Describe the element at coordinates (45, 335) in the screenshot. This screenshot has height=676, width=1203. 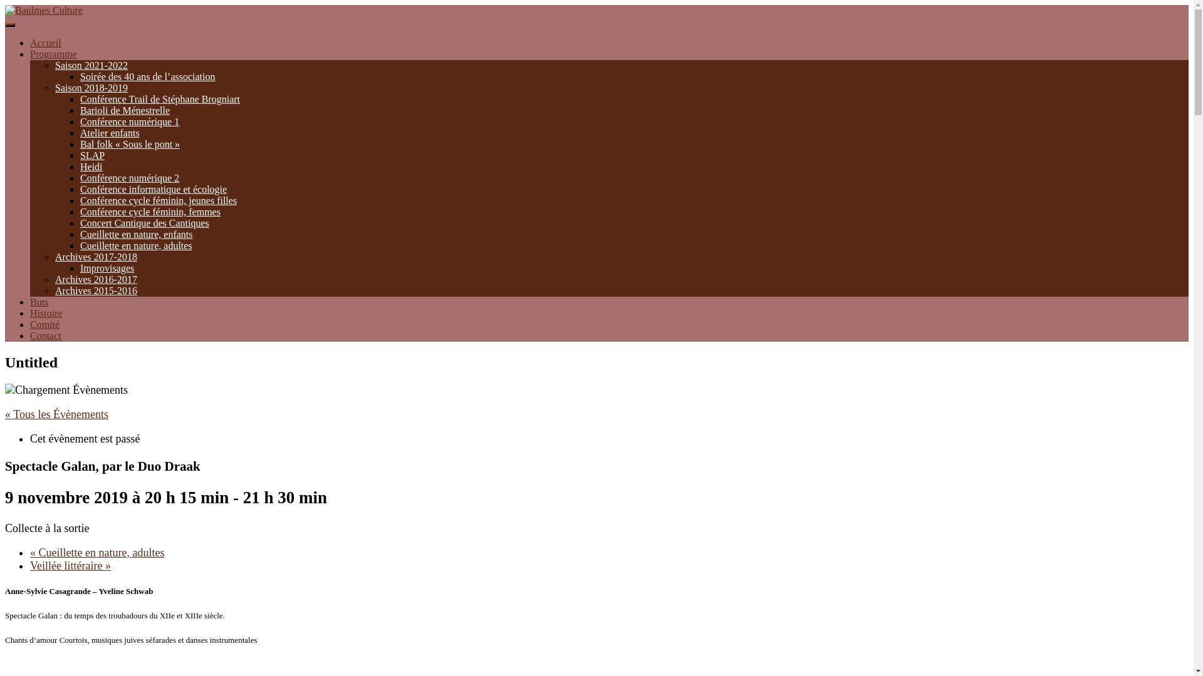
I see `'Contact'` at that location.